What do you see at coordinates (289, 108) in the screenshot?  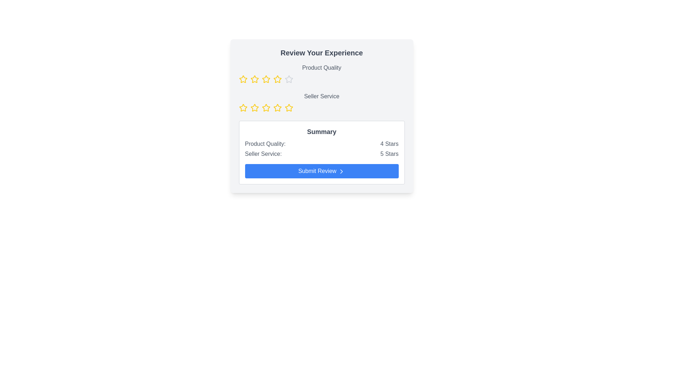 I see `the fifth interactive rating star icon for the 'Seller Service' category` at bounding box center [289, 108].